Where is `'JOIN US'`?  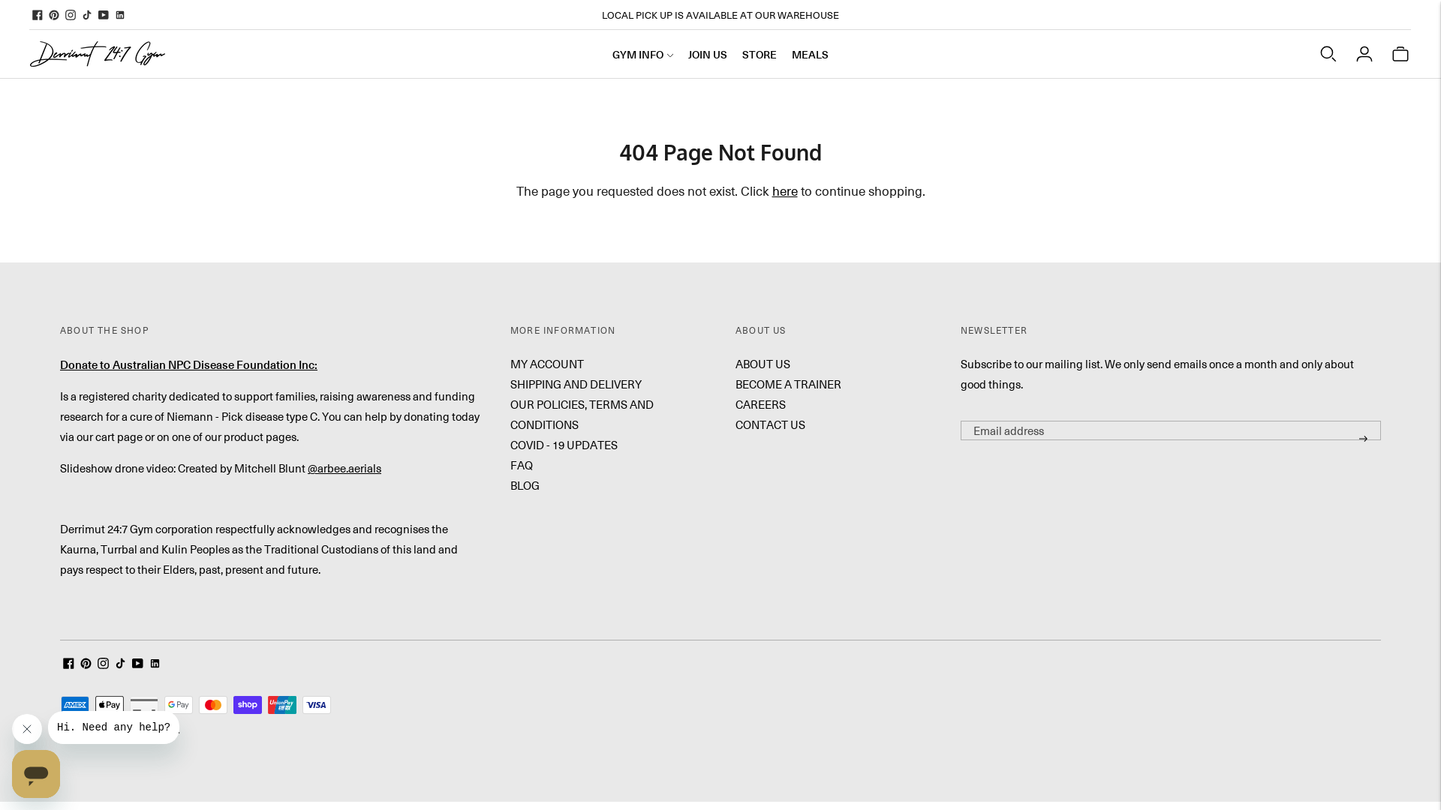
'JOIN US' is located at coordinates (706, 53).